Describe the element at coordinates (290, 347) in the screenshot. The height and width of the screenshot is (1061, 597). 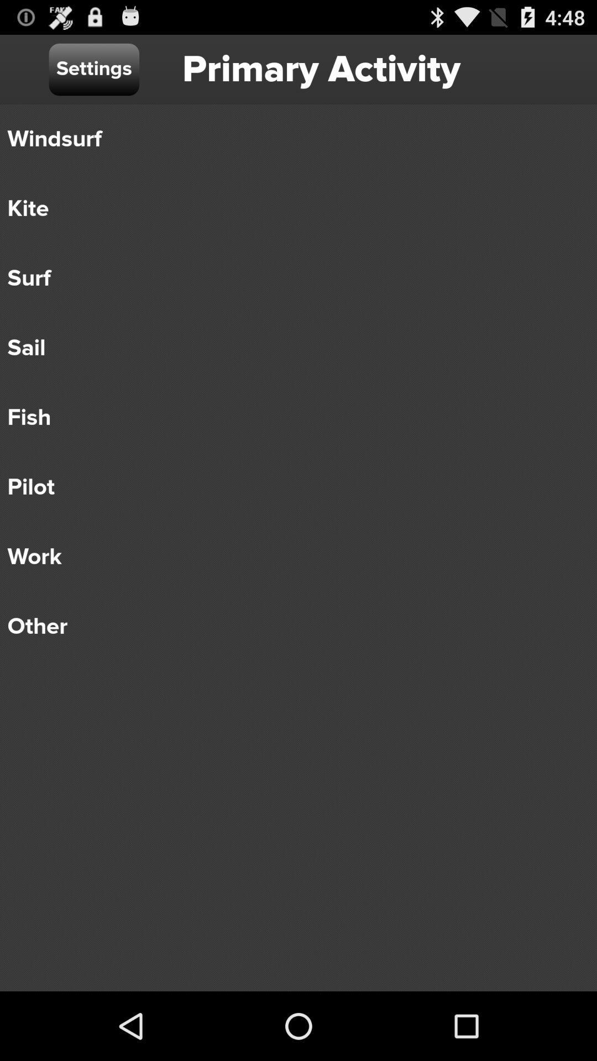
I see `sail icon` at that location.